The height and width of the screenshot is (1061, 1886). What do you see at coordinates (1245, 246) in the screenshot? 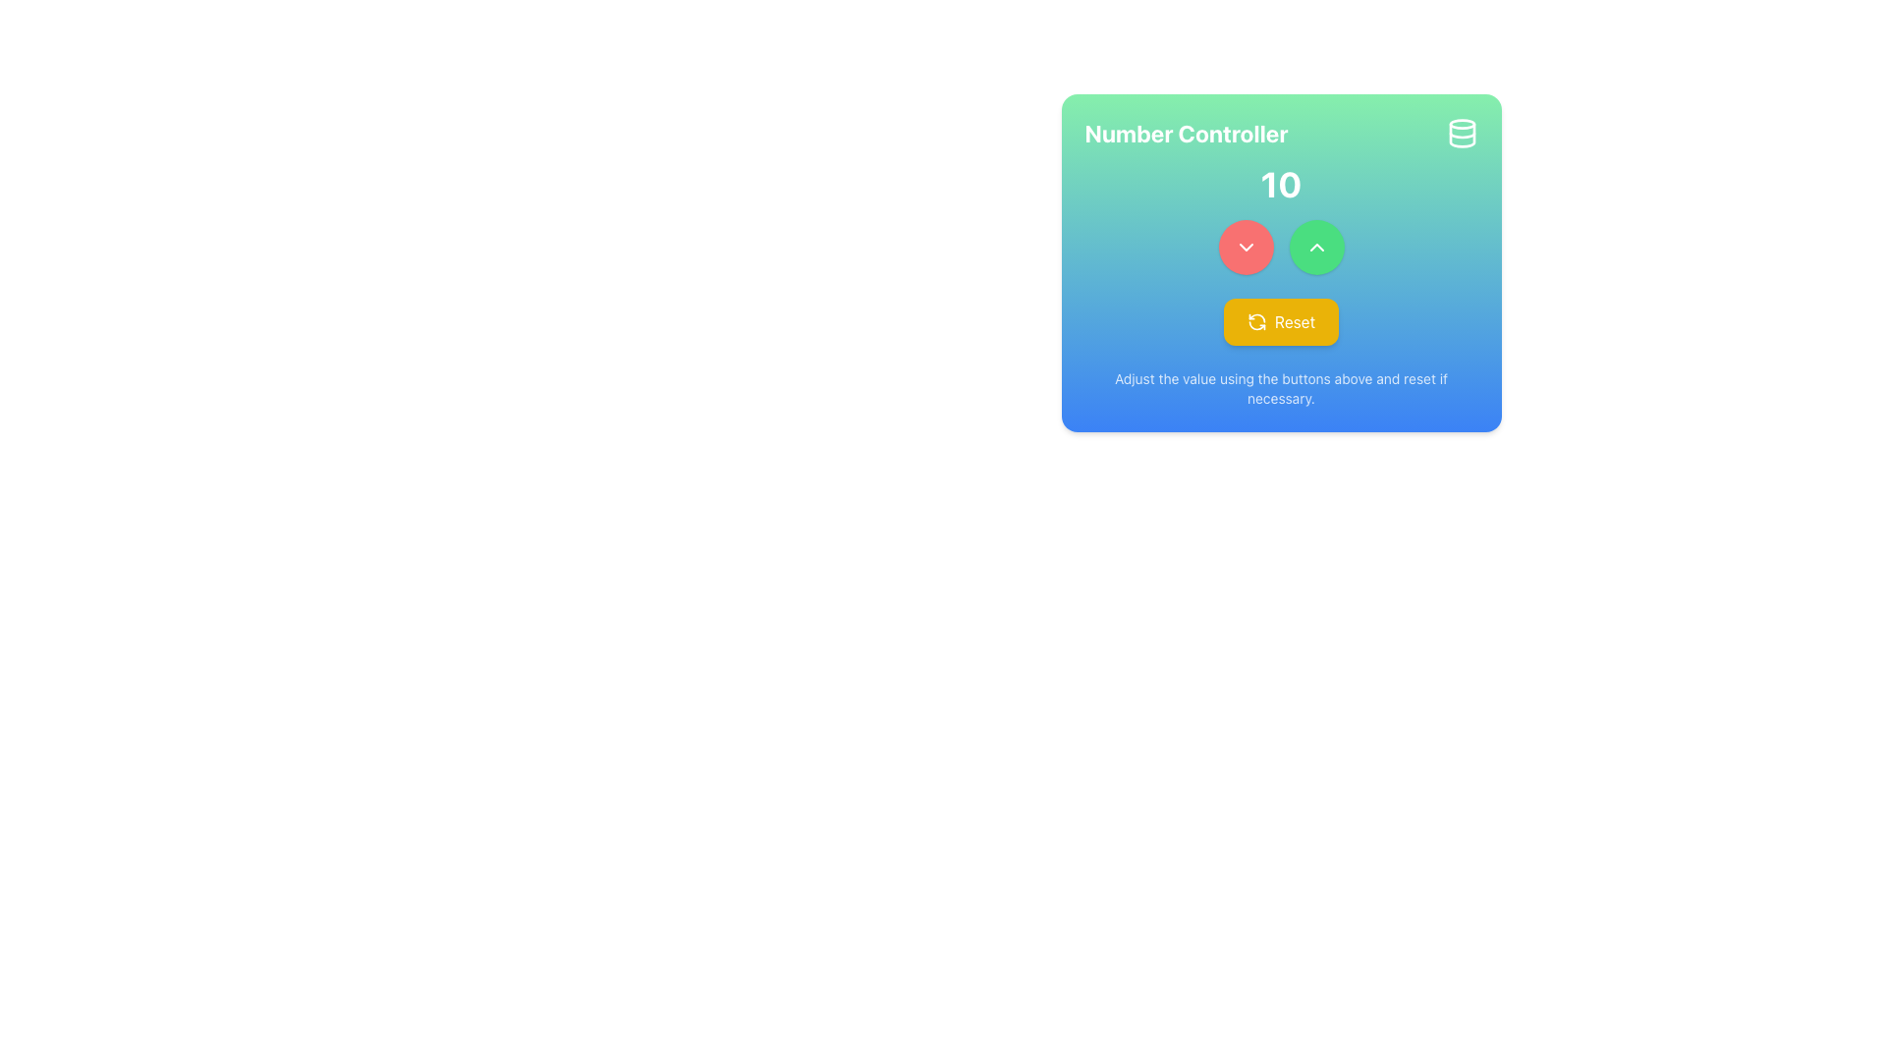
I see `the circular red button with white text and a downward-pointing chevron icon, located on the left side of two similar buttons, to observe interactive feedback` at bounding box center [1245, 246].